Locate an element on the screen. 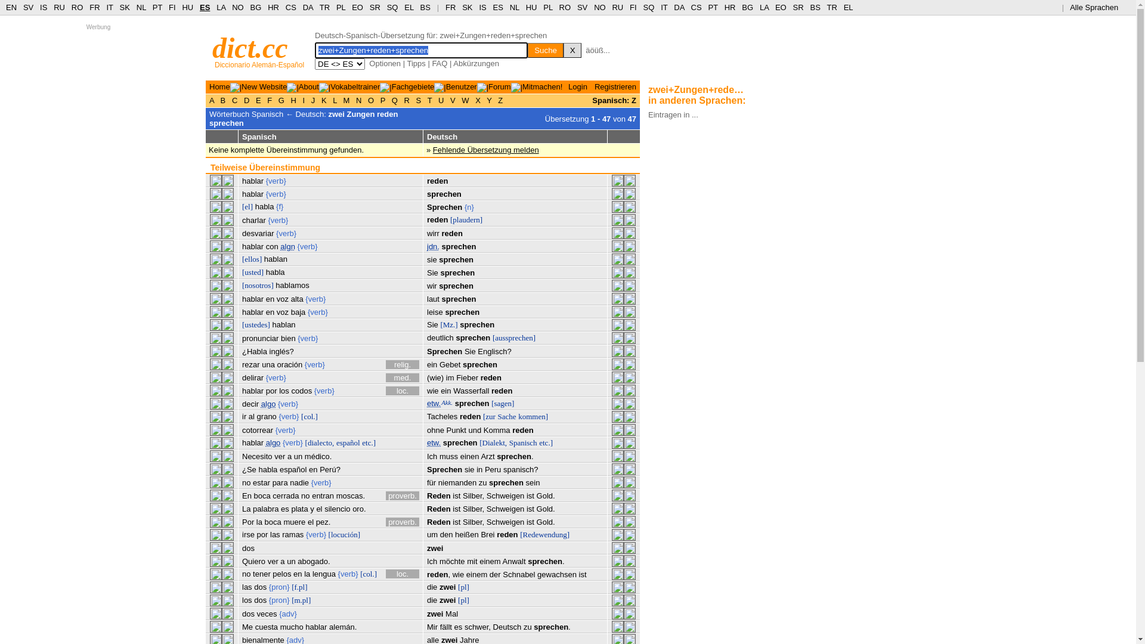 Image resolution: width=1145 pixels, height=644 pixels. 'ist' is located at coordinates (530, 496).